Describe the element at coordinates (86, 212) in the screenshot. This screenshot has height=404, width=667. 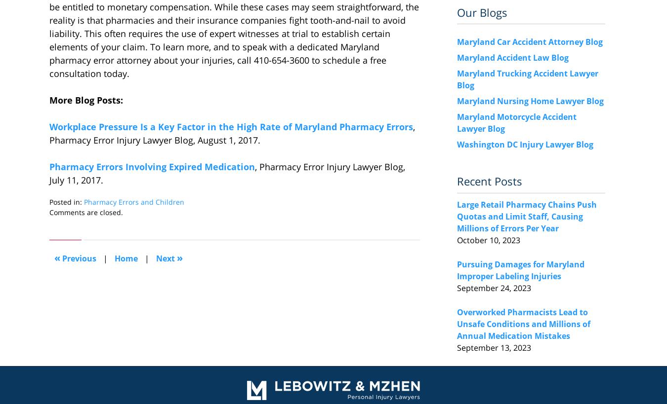
I see `'Comments are closed.'` at that location.